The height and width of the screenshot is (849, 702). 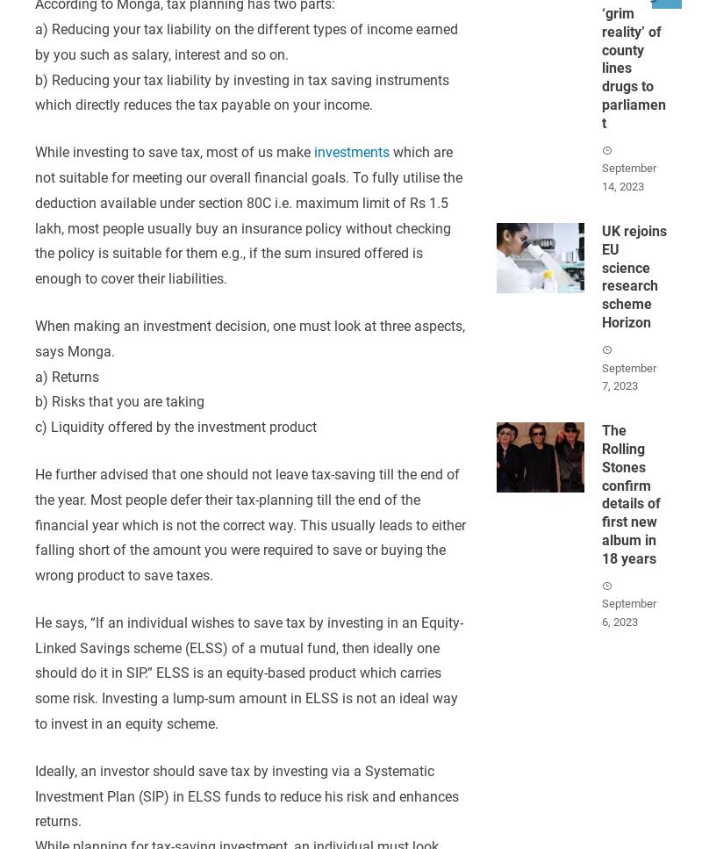 I want to click on 'While investing to save tax, most of us make', so click(x=173, y=152).